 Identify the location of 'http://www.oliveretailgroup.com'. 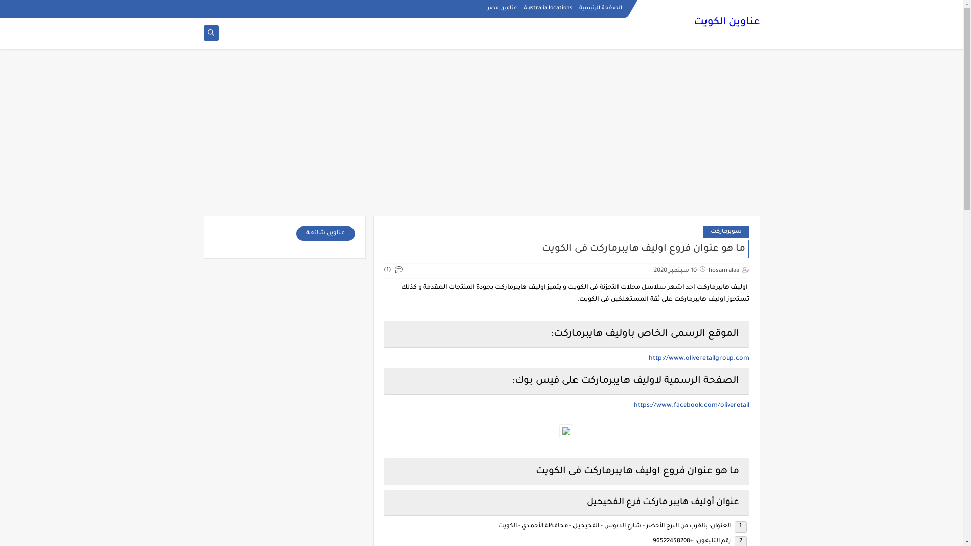
(698, 358).